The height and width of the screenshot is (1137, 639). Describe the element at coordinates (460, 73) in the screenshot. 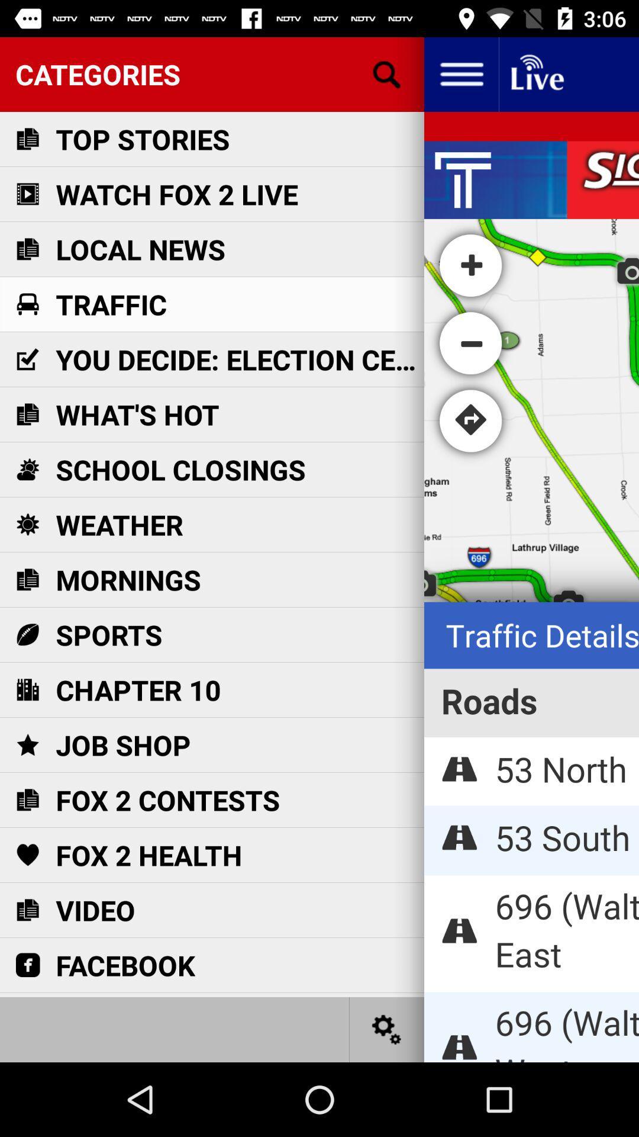

I see `the menu icon` at that location.